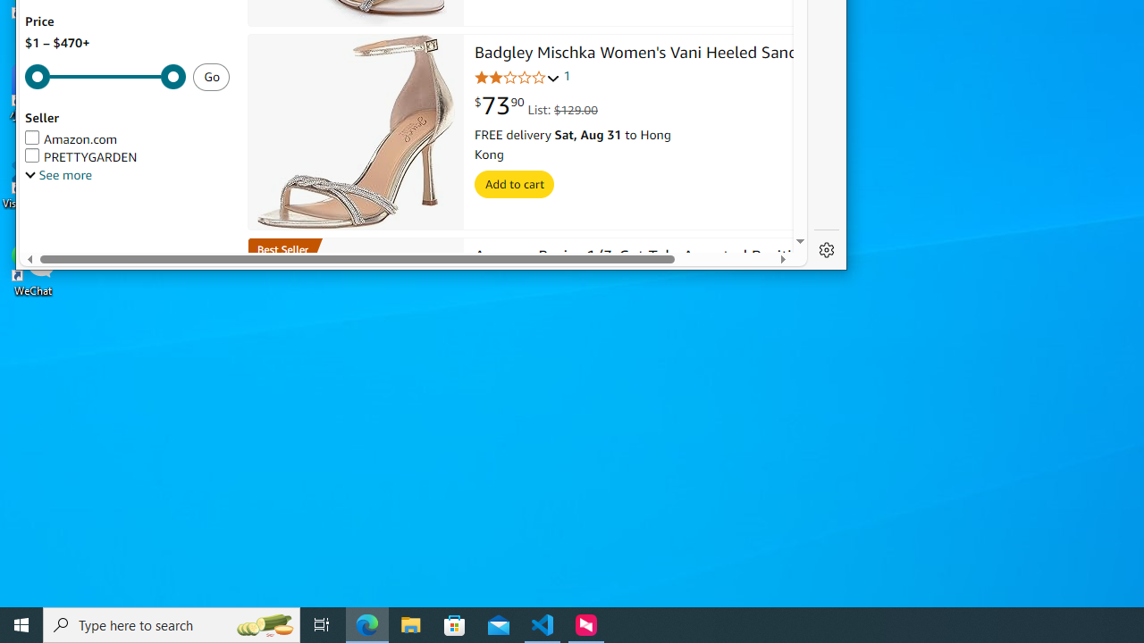 This screenshot has width=1144, height=643. Describe the element at coordinates (21, 623) in the screenshot. I see `'Start'` at that location.